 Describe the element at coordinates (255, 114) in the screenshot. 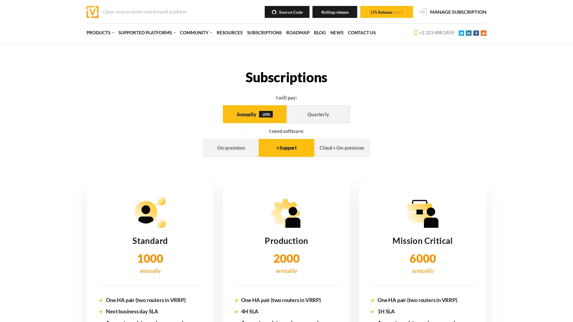

I see `Annually -20%` at that location.